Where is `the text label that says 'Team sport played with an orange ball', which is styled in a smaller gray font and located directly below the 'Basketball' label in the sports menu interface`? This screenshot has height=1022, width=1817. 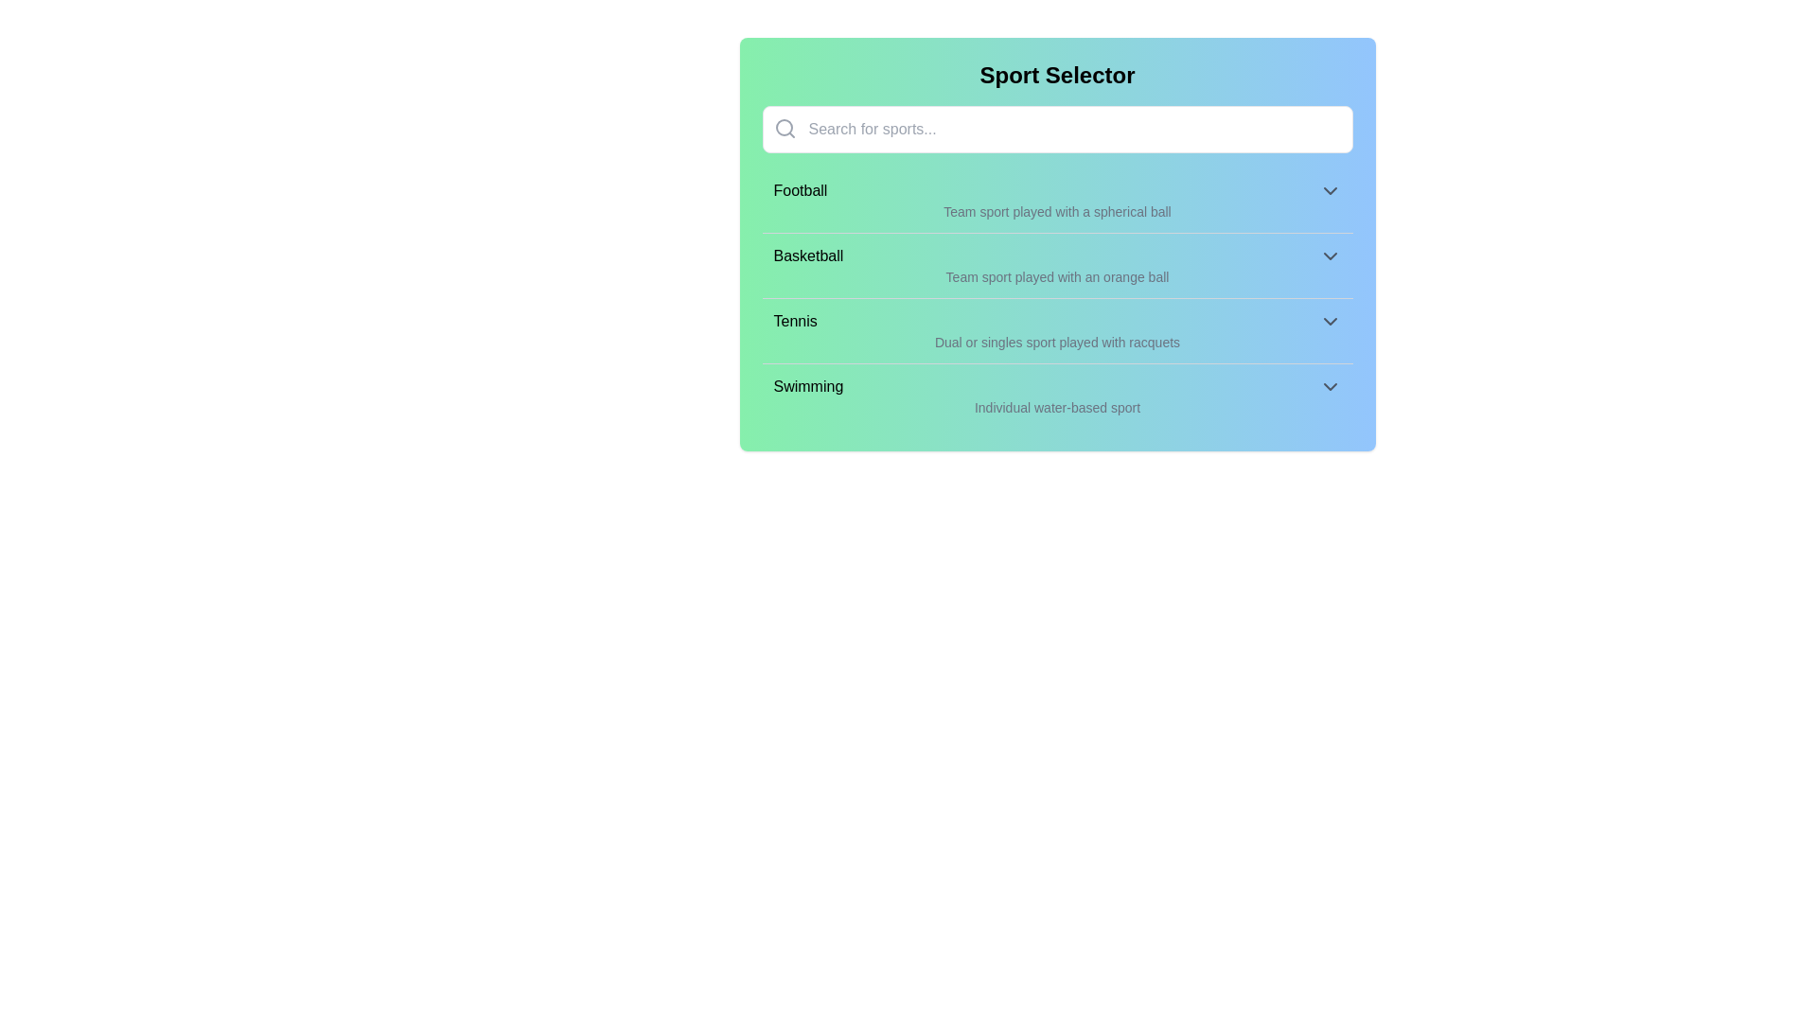 the text label that says 'Team sport played with an orange ball', which is styled in a smaller gray font and located directly below the 'Basketball' label in the sports menu interface is located at coordinates (1056, 277).